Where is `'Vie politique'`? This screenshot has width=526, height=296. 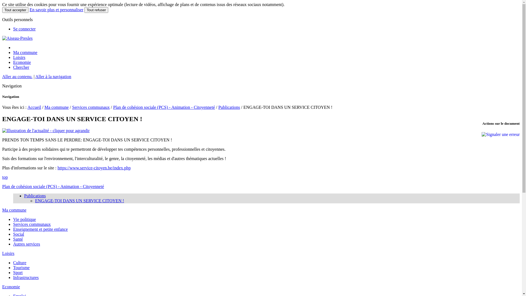 'Vie politique' is located at coordinates (24, 219).